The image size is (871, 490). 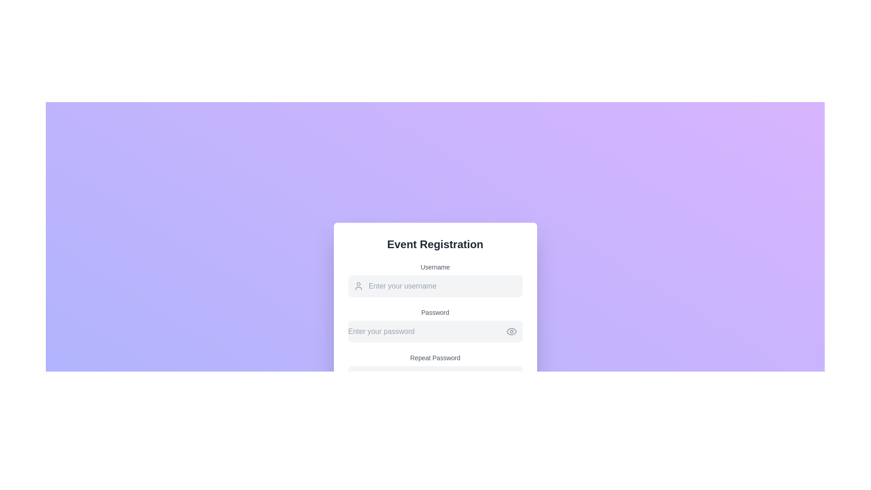 What do you see at coordinates (511, 332) in the screenshot?
I see `the button on the rightmost side of the password input field` at bounding box center [511, 332].